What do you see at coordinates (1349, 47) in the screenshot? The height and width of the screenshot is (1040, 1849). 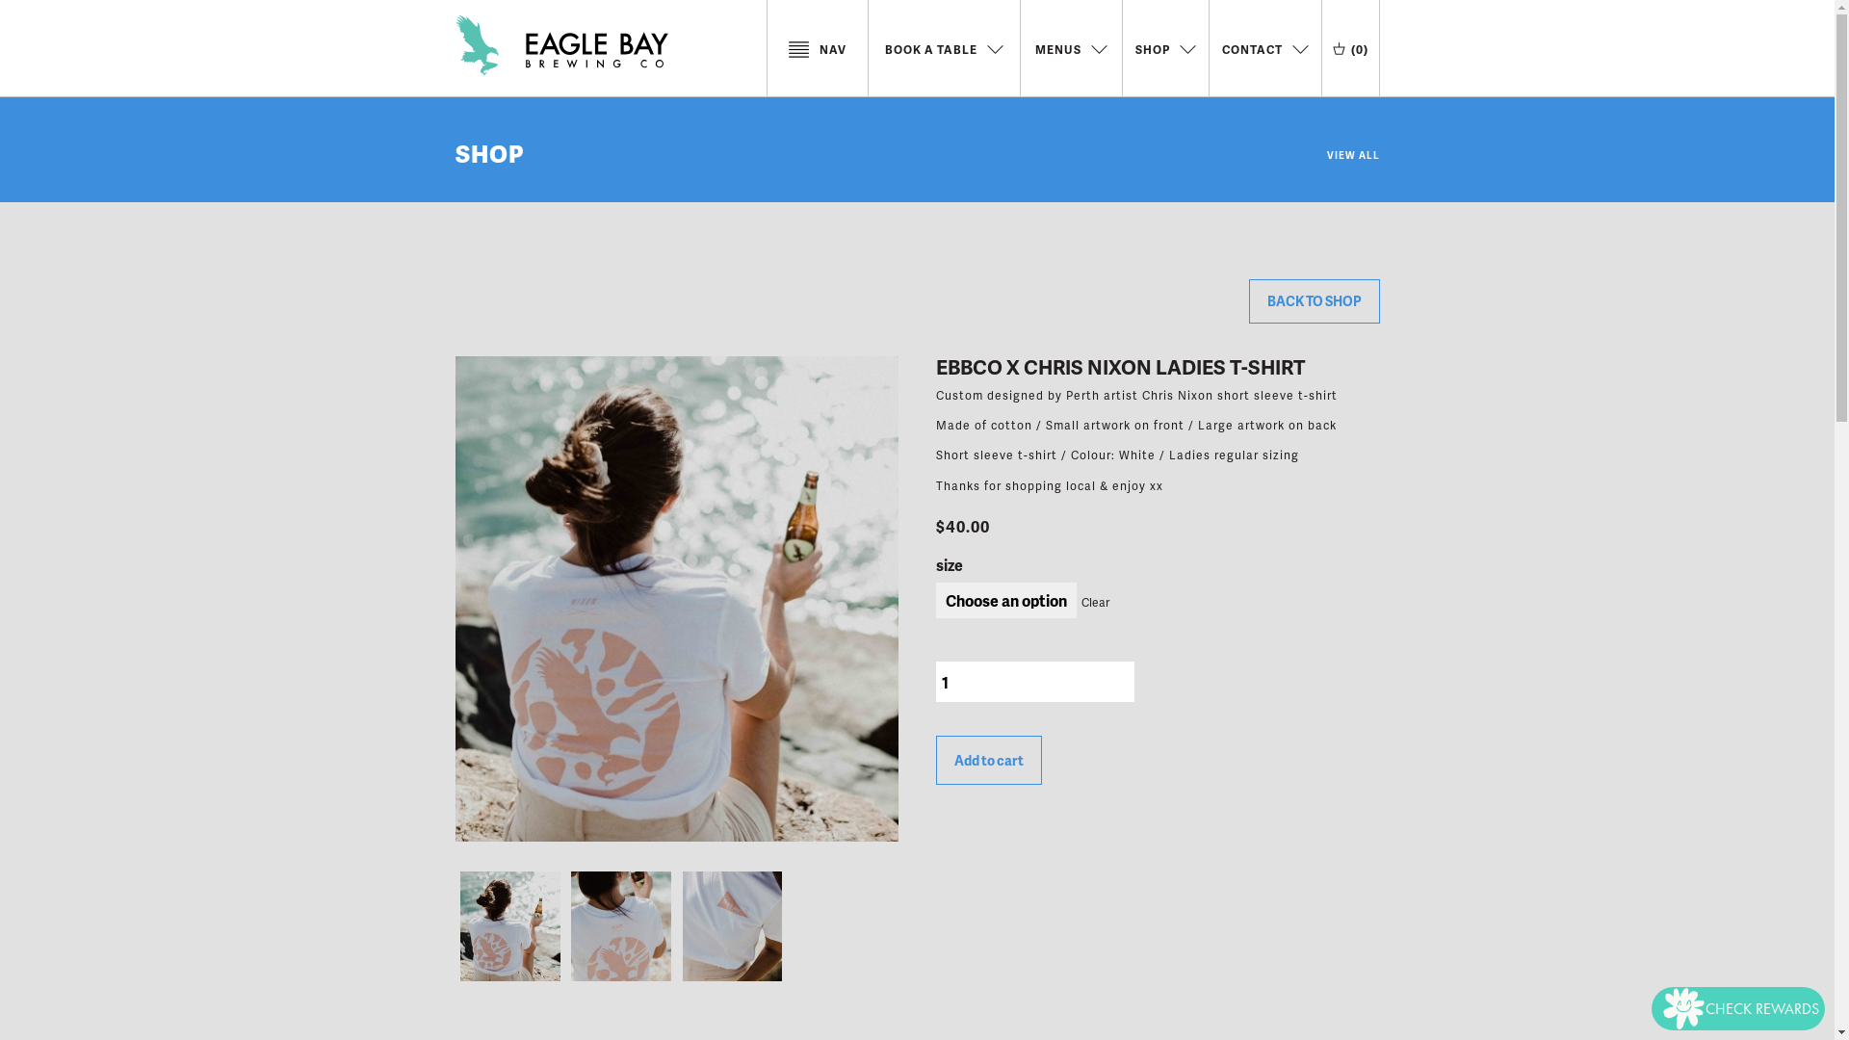 I see `'  (0)'` at bounding box center [1349, 47].